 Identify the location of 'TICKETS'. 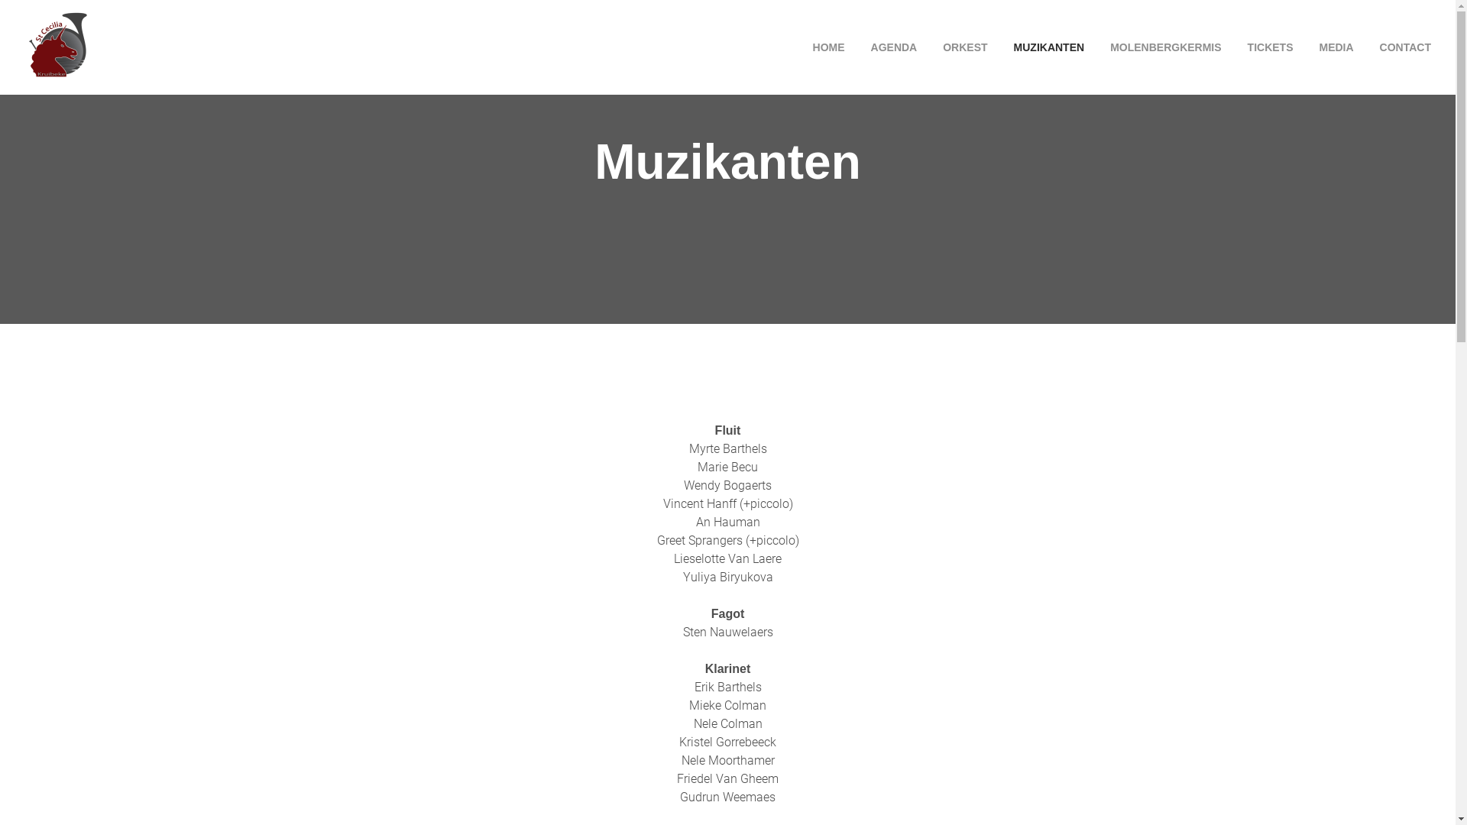
(1270, 46).